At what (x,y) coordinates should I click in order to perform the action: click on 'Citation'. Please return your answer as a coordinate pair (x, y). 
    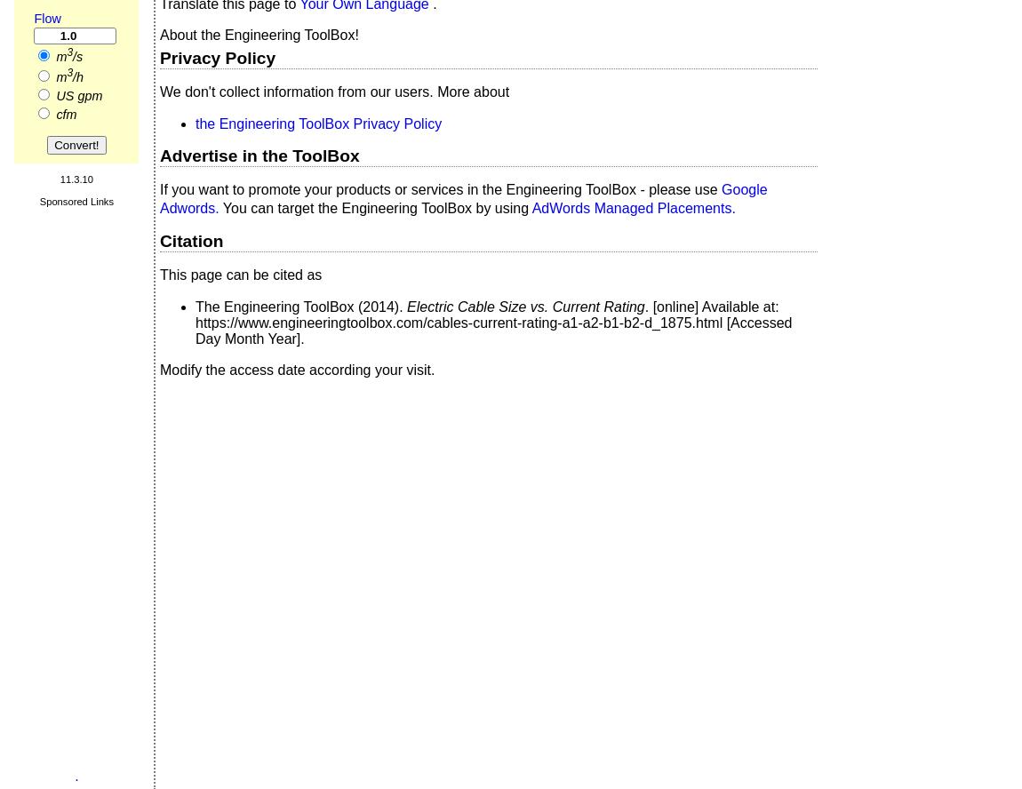
    Looking at the image, I should click on (158, 241).